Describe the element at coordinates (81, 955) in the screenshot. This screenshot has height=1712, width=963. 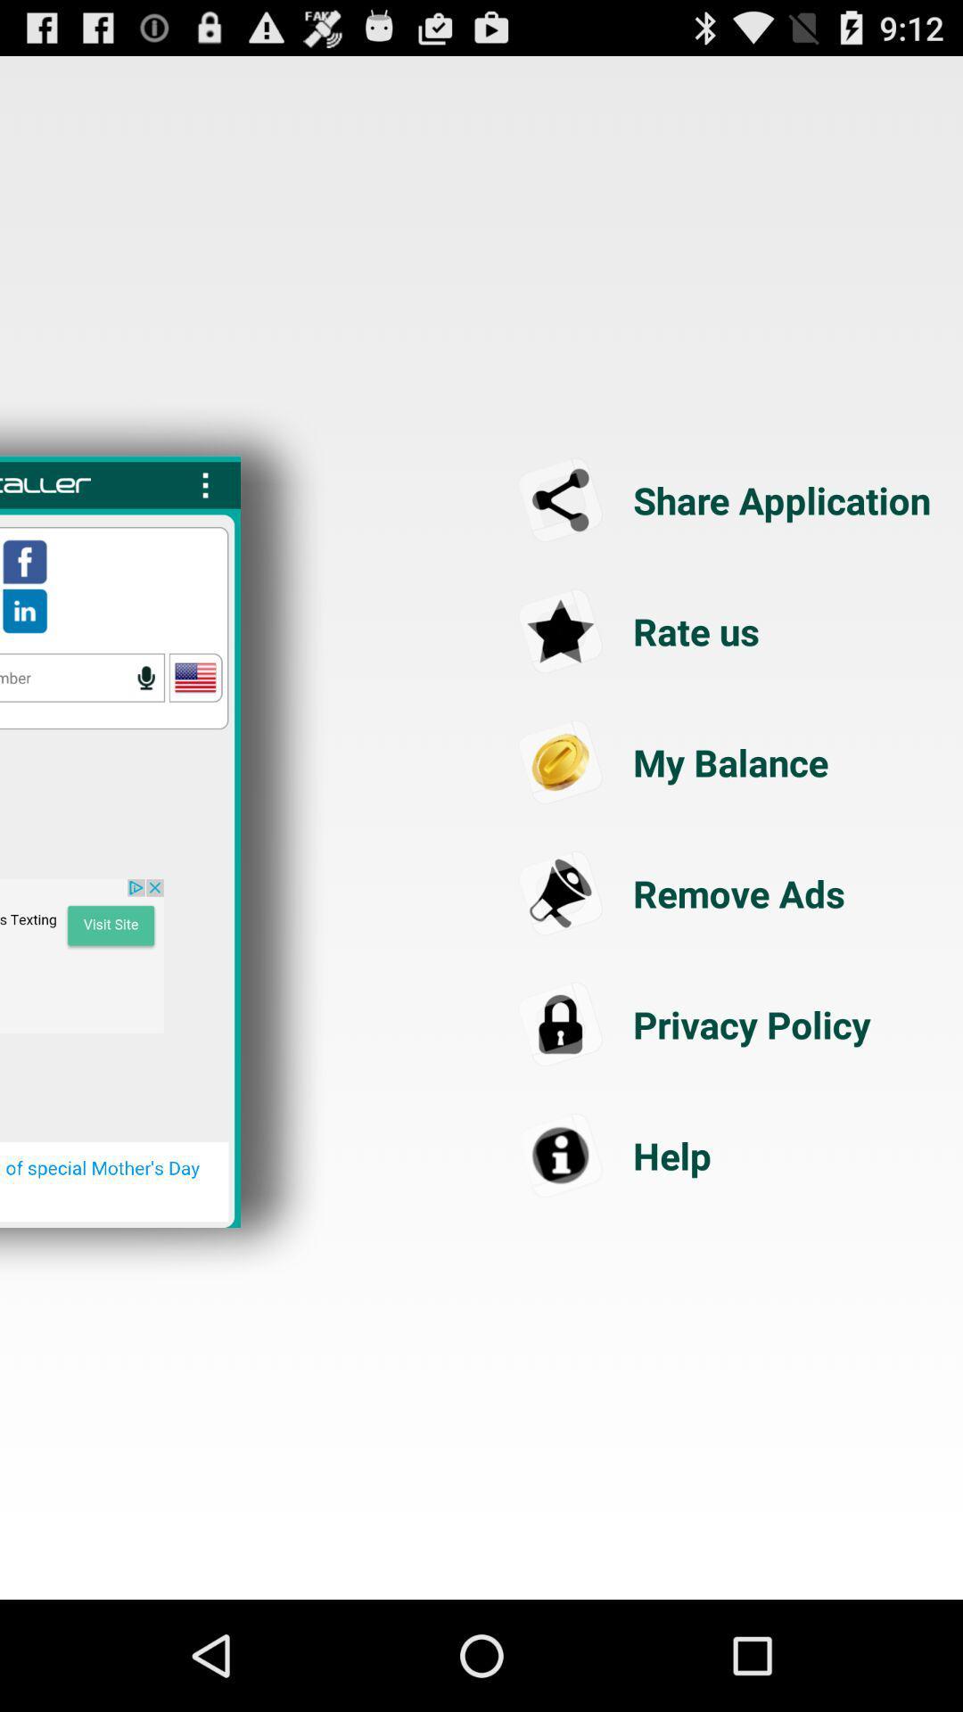
I see `visit the site` at that location.